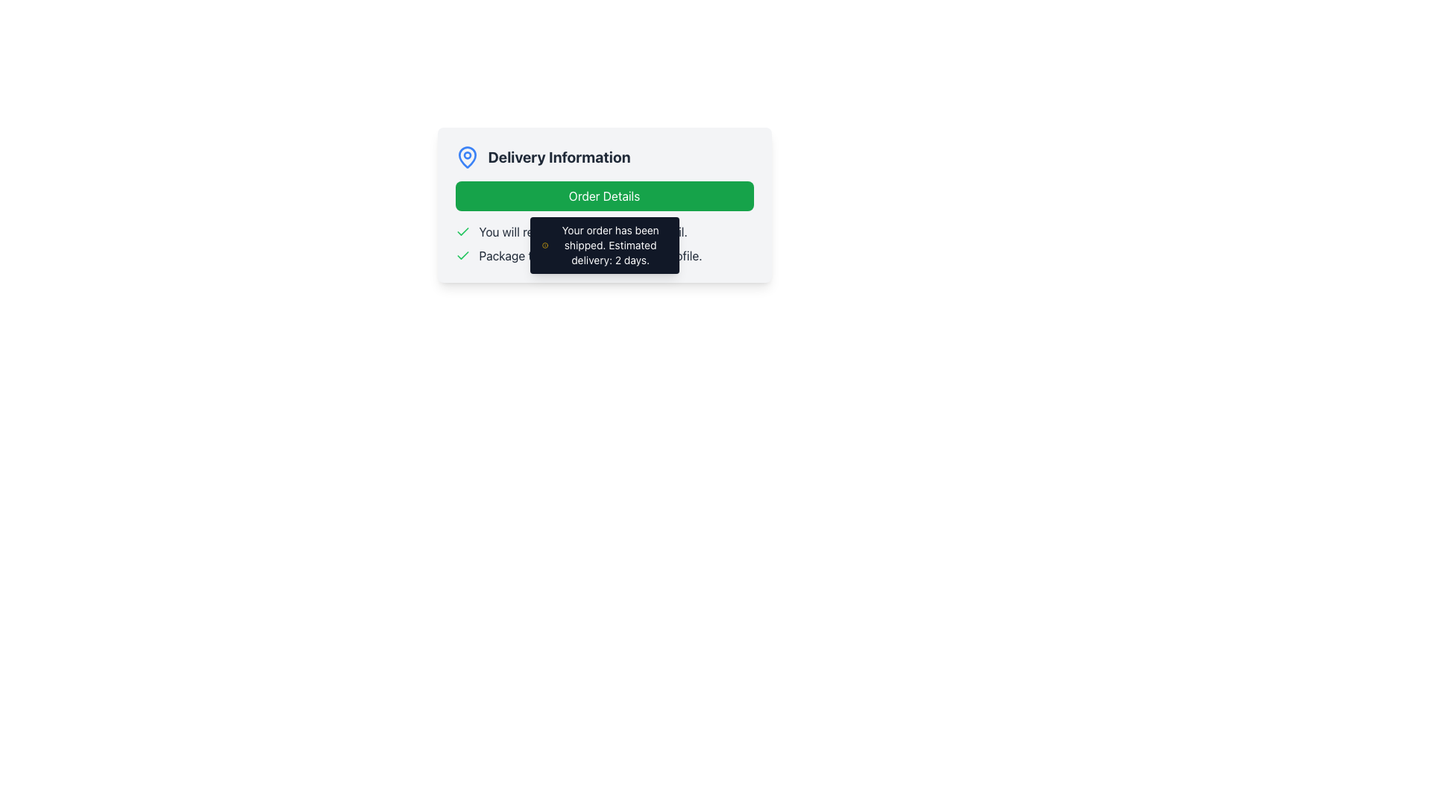  Describe the element at coordinates (544, 244) in the screenshot. I see `the informational icon located within the notification component that displays 'Your order has been shipped. Estimated delivery: 2 days.'` at that location.